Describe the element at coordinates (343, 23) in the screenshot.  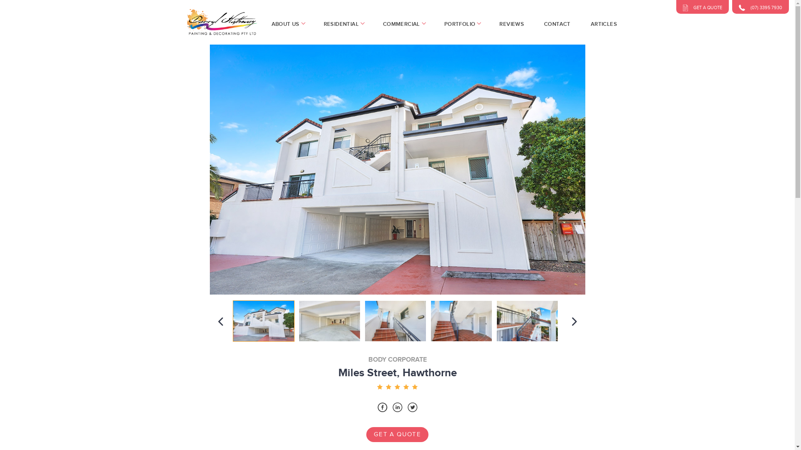
I see `'RESIDENTIAL'` at that location.